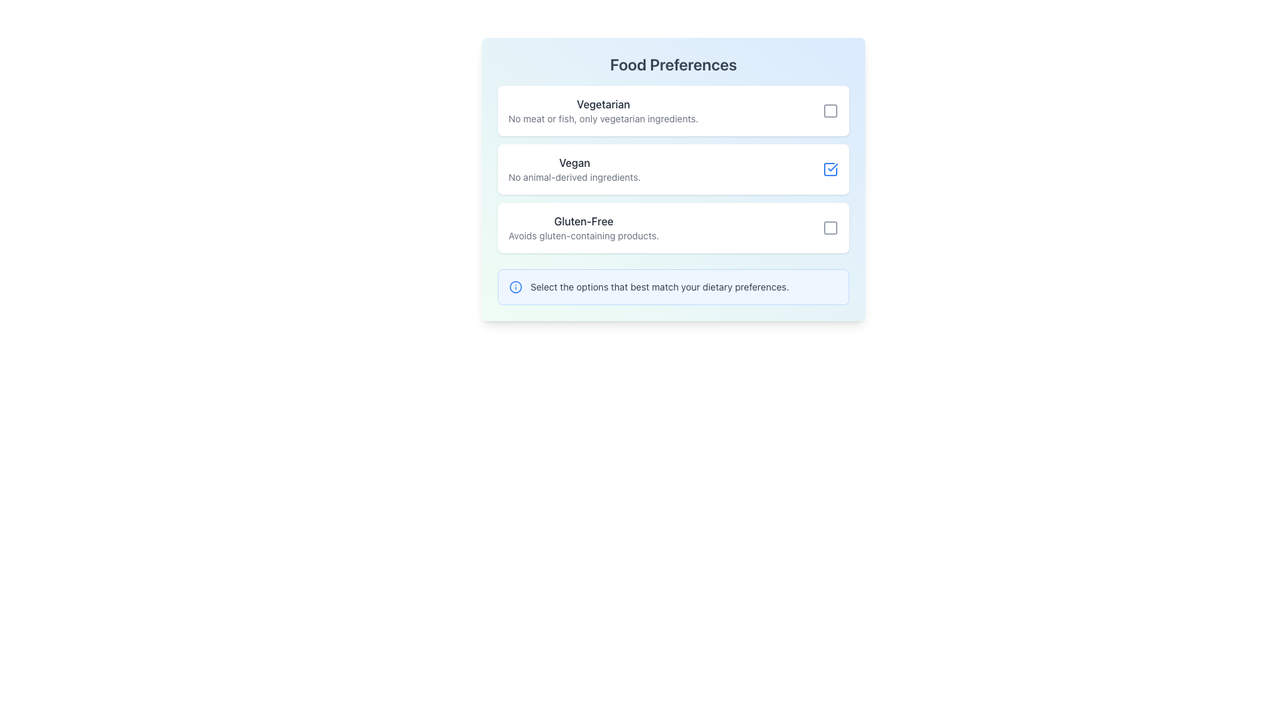 The height and width of the screenshot is (718, 1278). I want to click on descriptive text label stating 'No meat or fish, only vegetarian ingredients.' which is located below the bolded label 'Vegetarian' in the food preferences card, so click(602, 118).